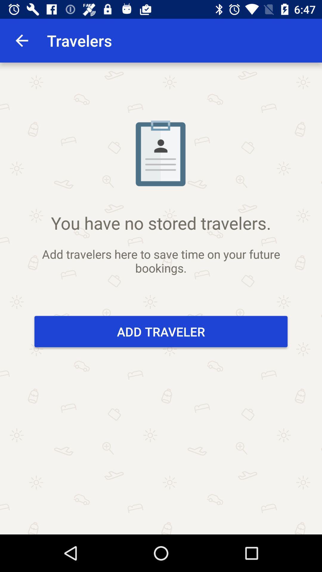 The height and width of the screenshot is (572, 322). Describe the element at coordinates (21, 40) in the screenshot. I see `the icon next to travelers icon` at that location.